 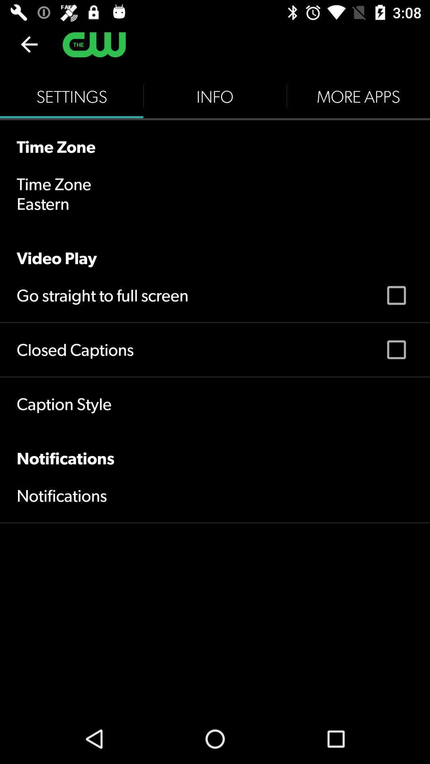 I want to click on closed captions item, so click(x=75, y=349).